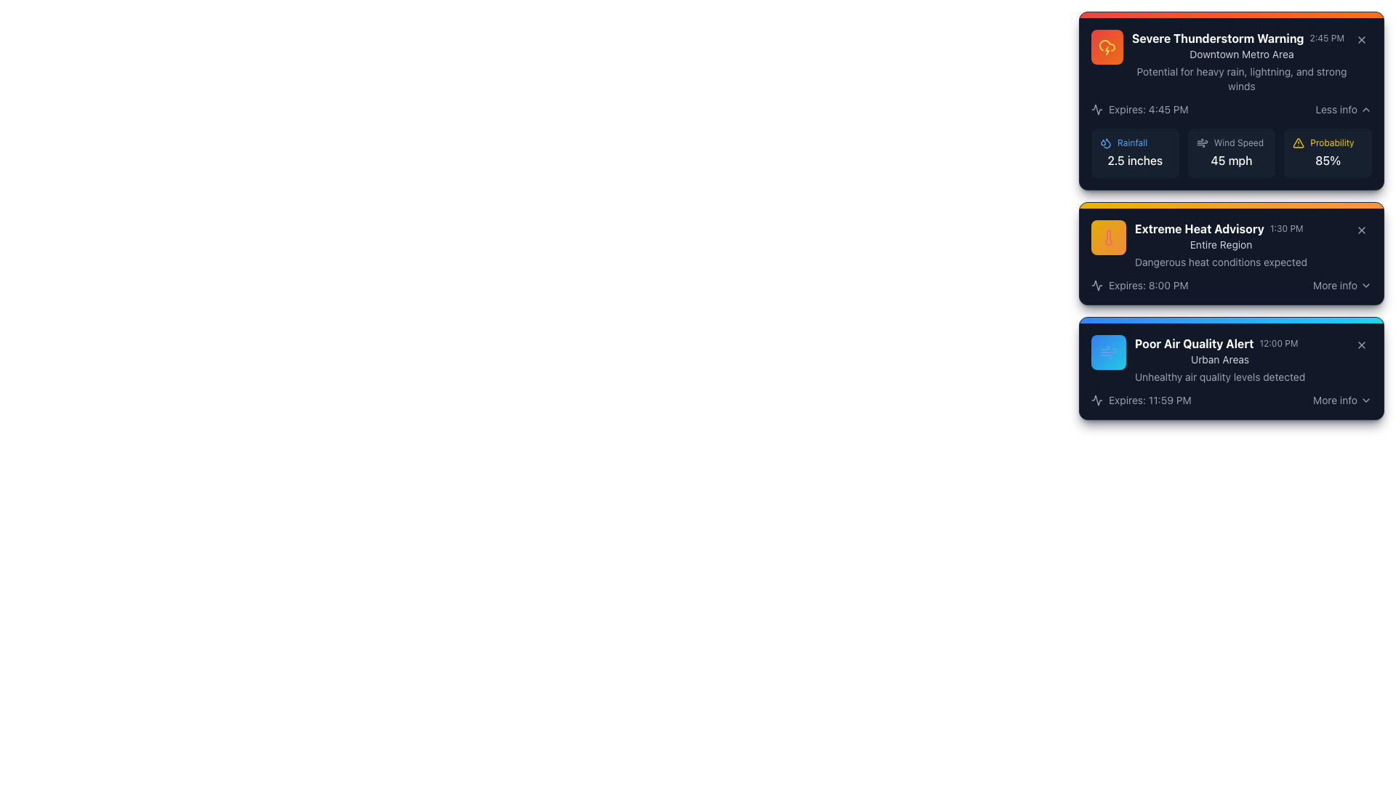 The height and width of the screenshot is (785, 1396). What do you see at coordinates (1220, 359) in the screenshot?
I see `alert information from the notification card titled 'Poor Air Quality Alert' located in the lower section of the stack` at bounding box center [1220, 359].